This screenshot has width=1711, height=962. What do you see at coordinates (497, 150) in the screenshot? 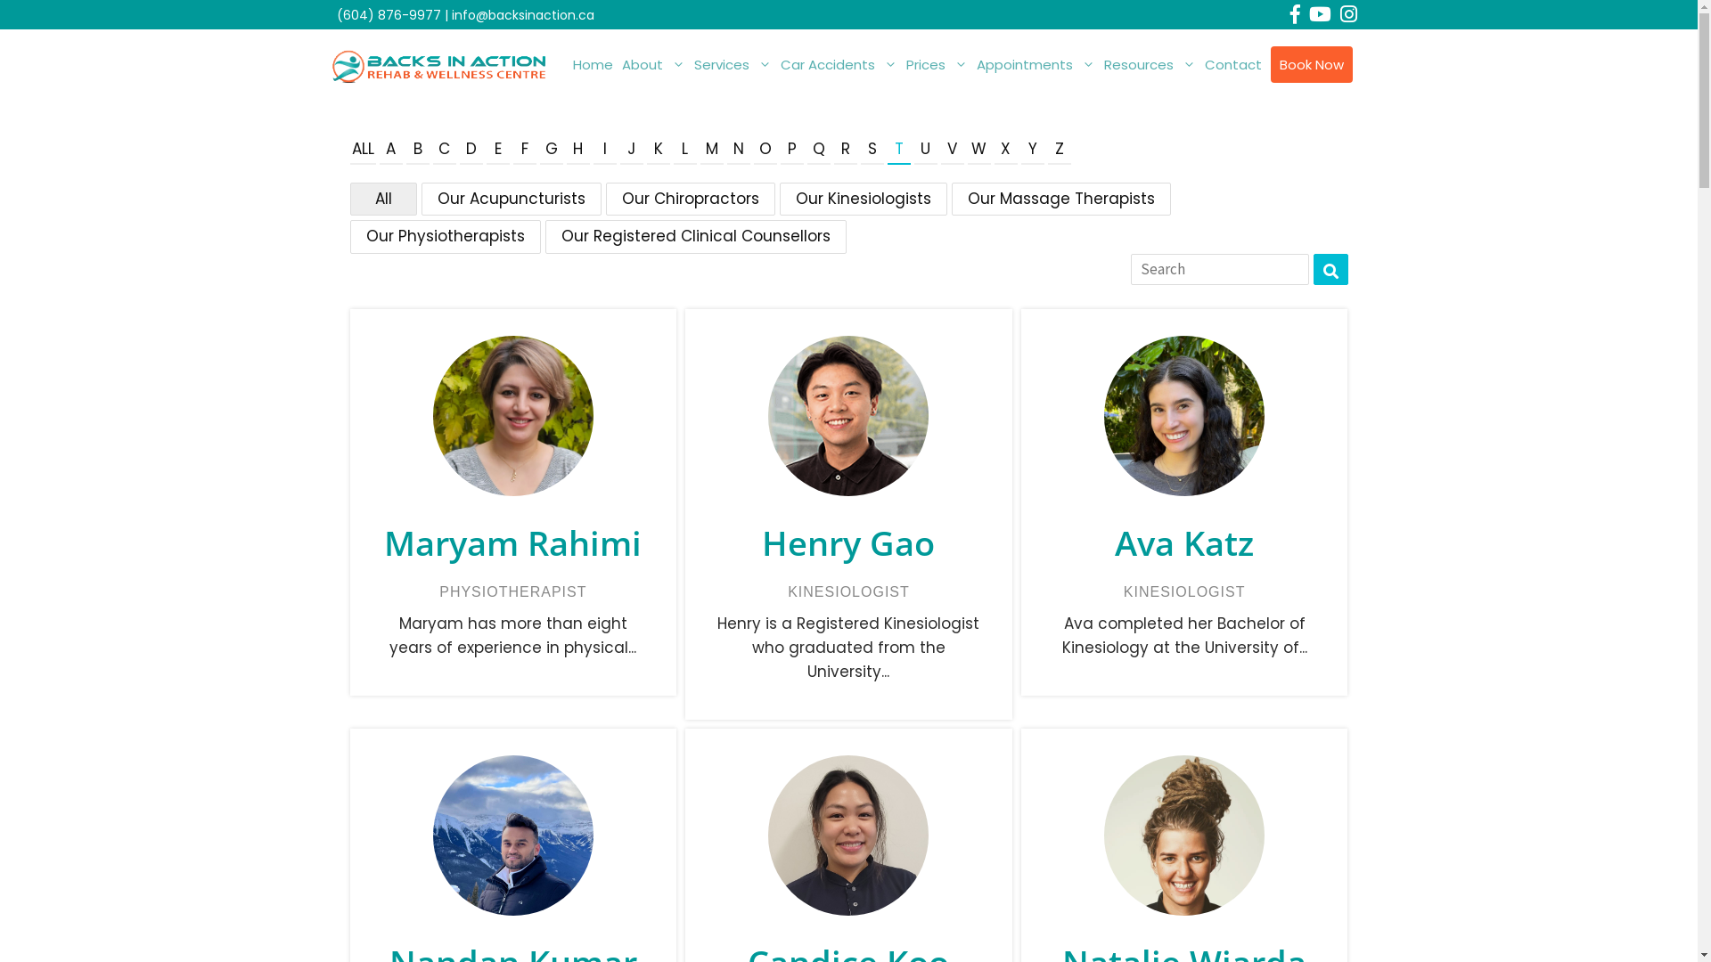
I see `'E'` at bounding box center [497, 150].